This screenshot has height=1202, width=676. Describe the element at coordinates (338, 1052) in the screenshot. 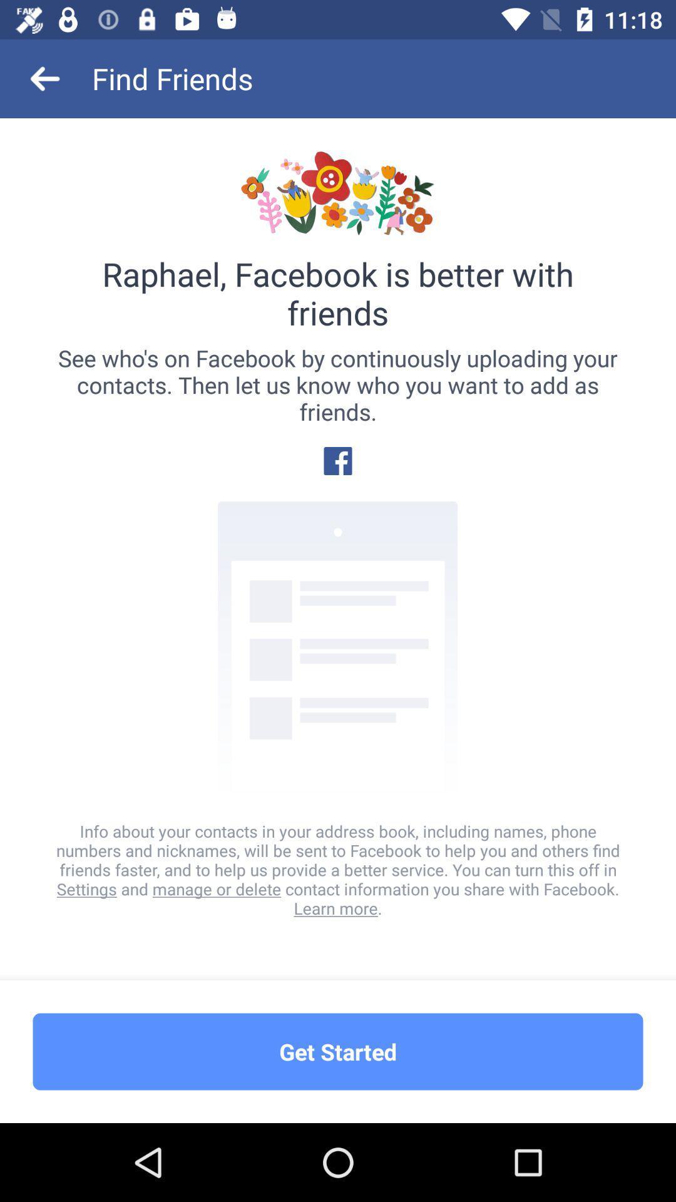

I see `the get started` at that location.